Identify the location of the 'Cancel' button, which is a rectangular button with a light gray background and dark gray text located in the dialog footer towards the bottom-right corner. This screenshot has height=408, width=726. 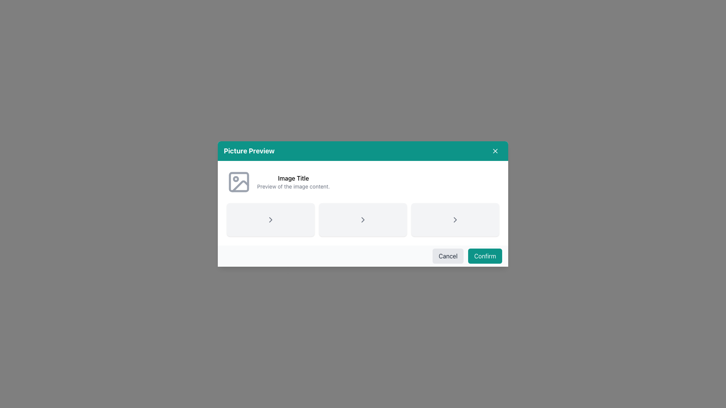
(448, 256).